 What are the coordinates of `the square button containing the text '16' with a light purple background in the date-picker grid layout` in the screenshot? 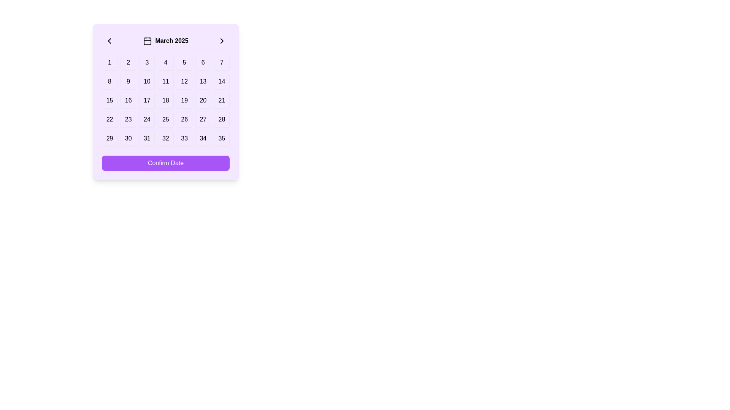 It's located at (128, 100).